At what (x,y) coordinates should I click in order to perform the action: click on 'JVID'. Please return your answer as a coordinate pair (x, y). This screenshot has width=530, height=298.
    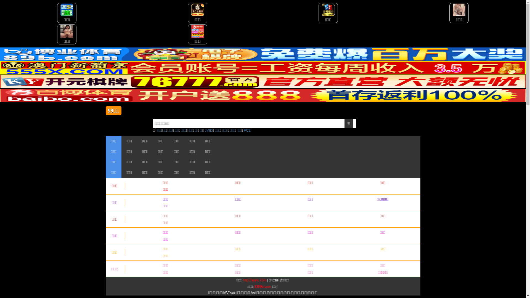
    Looking at the image, I should click on (208, 130).